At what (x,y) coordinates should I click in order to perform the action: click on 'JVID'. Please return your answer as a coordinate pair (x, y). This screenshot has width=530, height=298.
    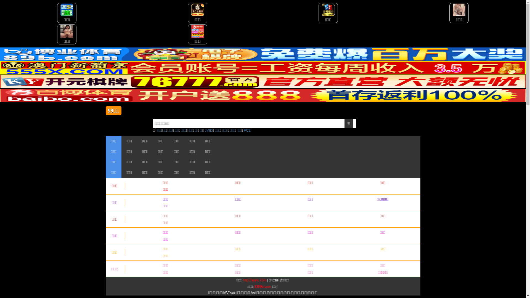
    Looking at the image, I should click on (208, 130).